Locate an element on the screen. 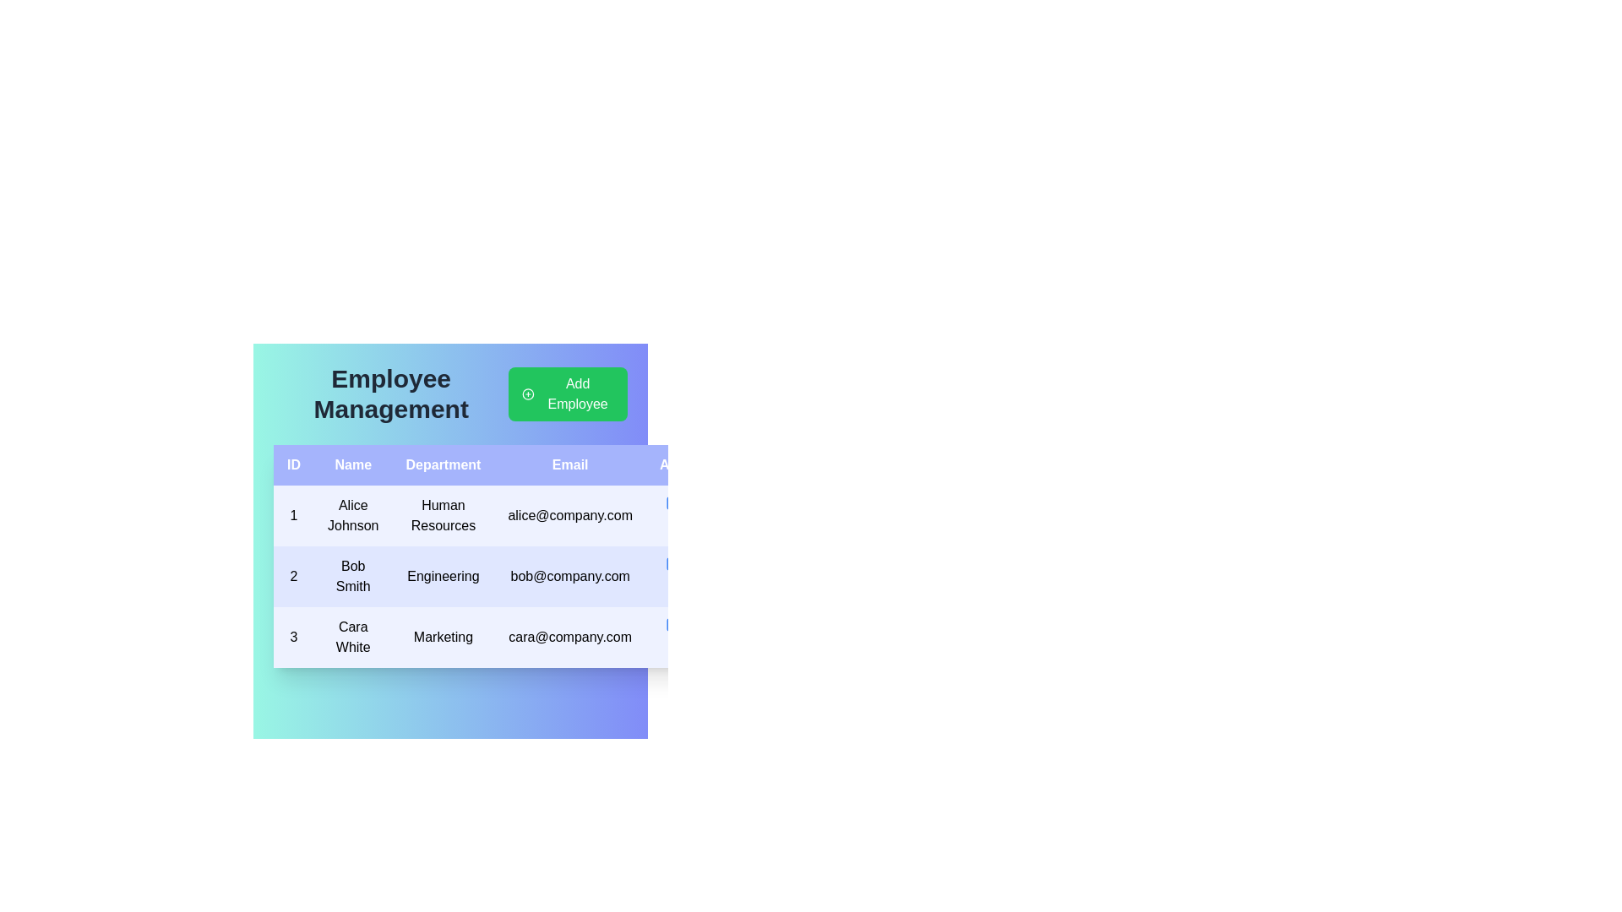  a cell in the Data Table displaying employee data is located at coordinates (497, 556).